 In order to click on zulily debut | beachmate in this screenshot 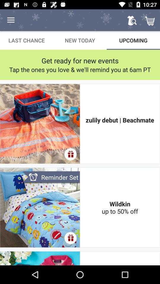, I will do `click(120, 123)`.